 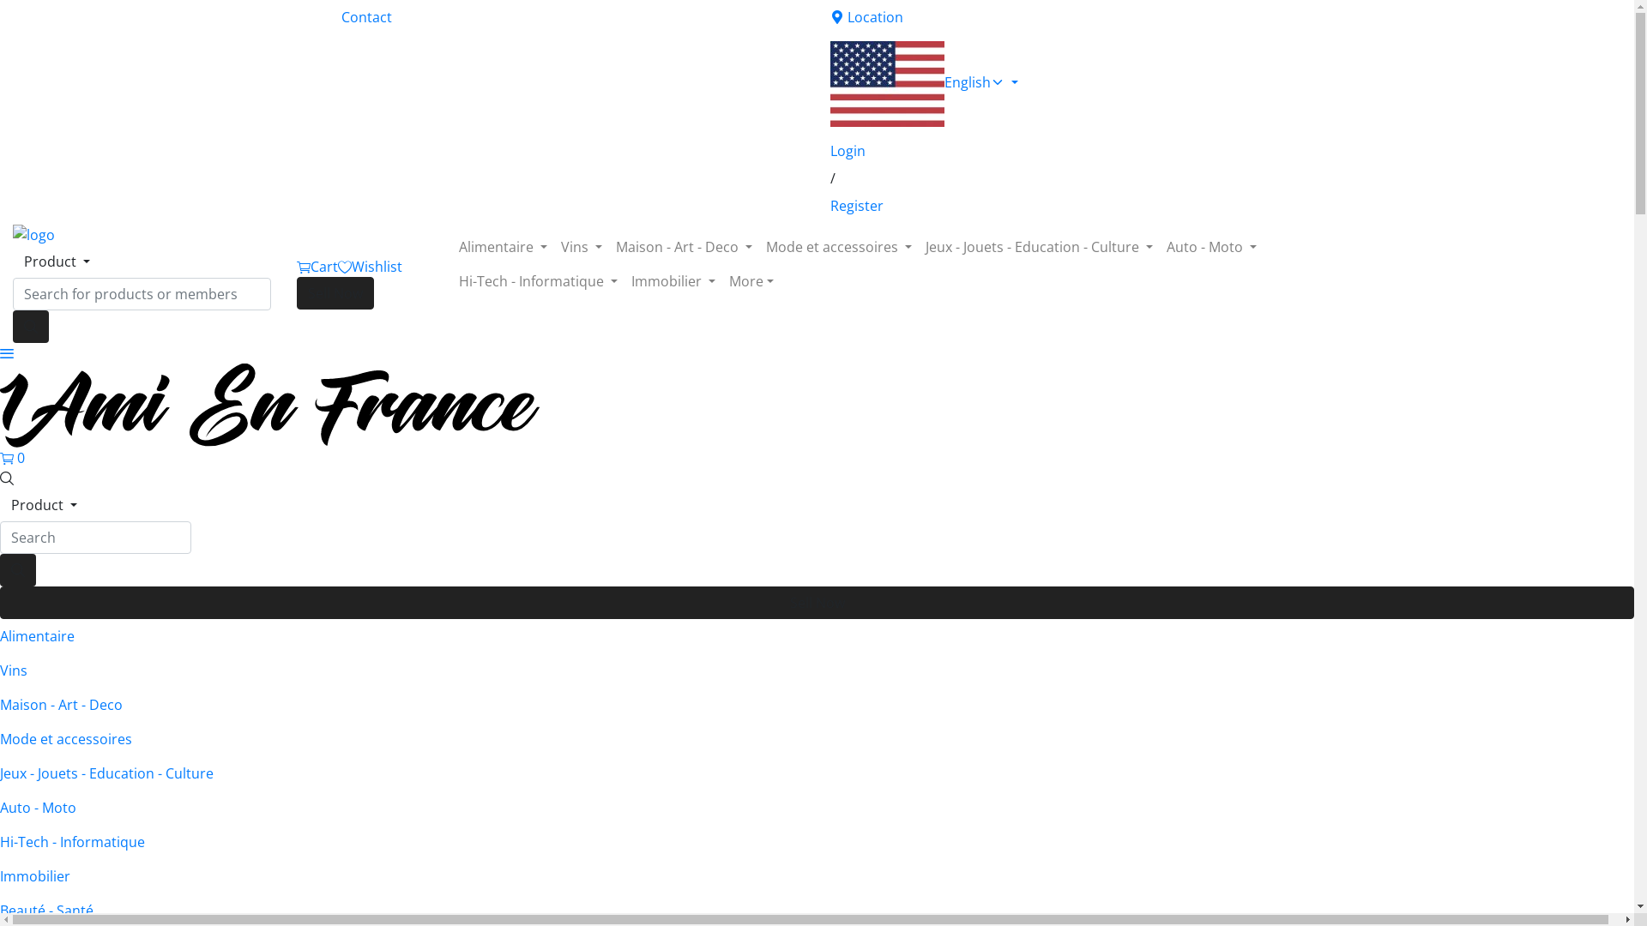 What do you see at coordinates (816, 670) in the screenshot?
I see `'Vins'` at bounding box center [816, 670].